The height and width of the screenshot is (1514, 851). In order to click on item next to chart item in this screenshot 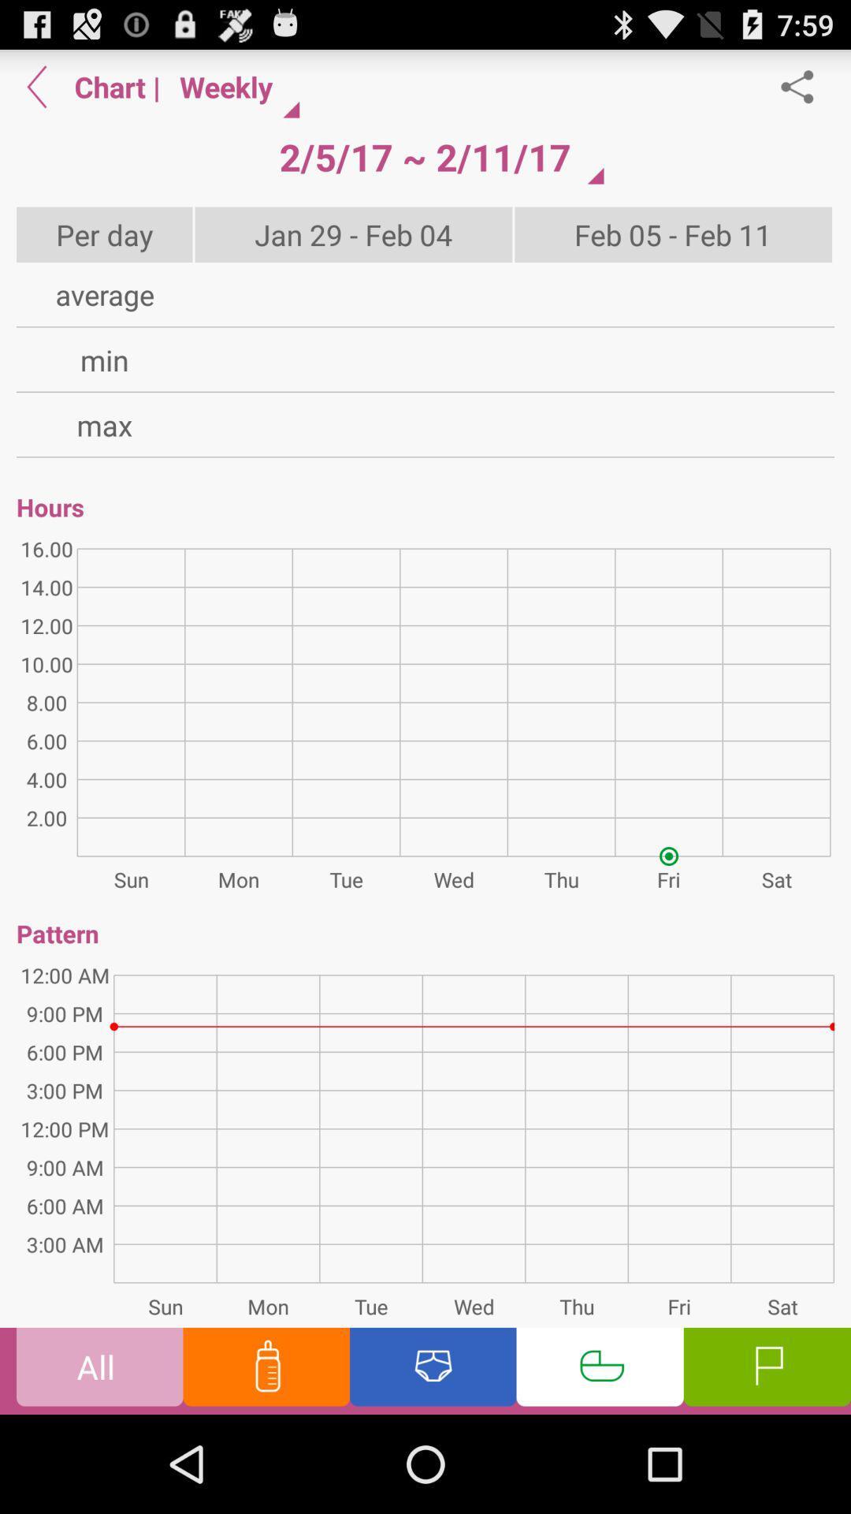, I will do `click(36, 86)`.